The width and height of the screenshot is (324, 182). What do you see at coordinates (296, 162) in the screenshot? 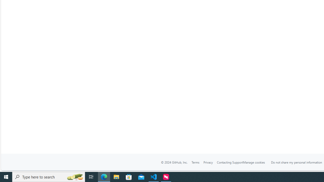
I see `'Do not share my personal information'` at bounding box center [296, 162].